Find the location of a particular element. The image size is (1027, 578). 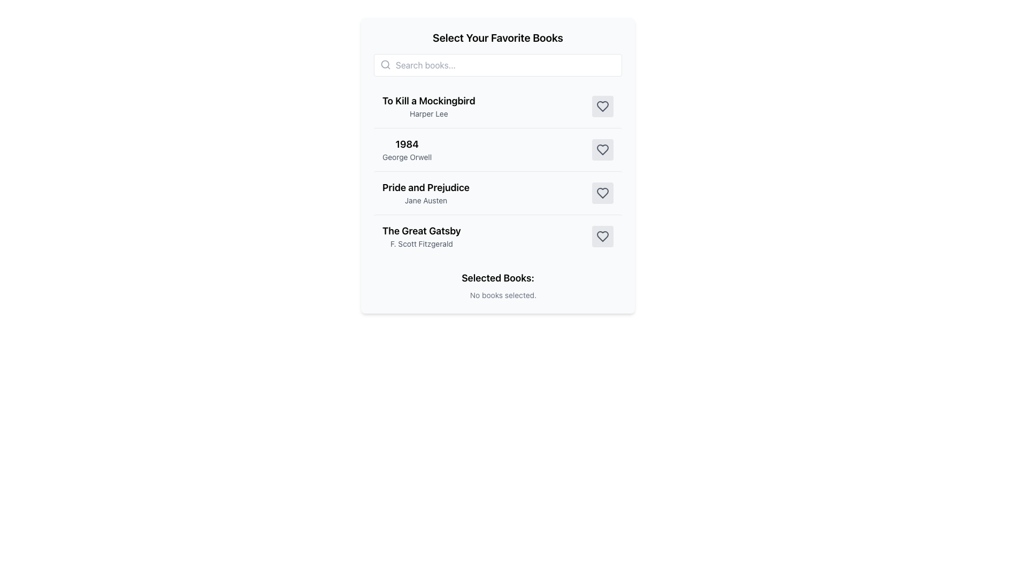

the heart-shaped button outlined in dark gray, located to the right of the text 'The Great Gatsby', to mark it as selected is located at coordinates (603, 236).